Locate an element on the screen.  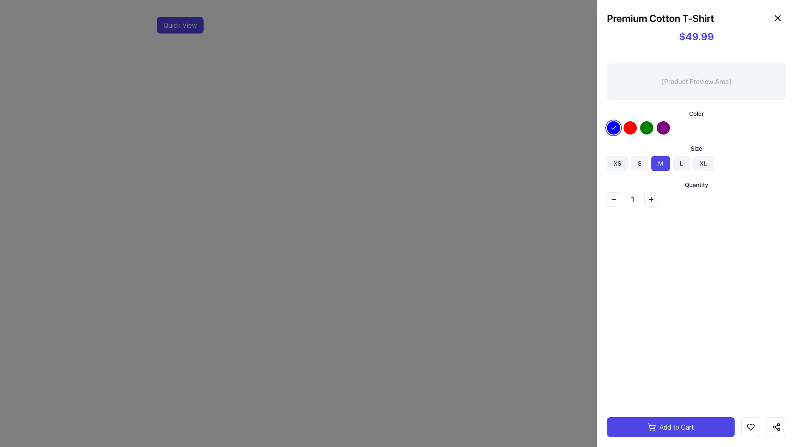
the dismiss button located in the top right corner of the product details panel for the 'Premium Cotton T-Shirt' is located at coordinates (777, 18).